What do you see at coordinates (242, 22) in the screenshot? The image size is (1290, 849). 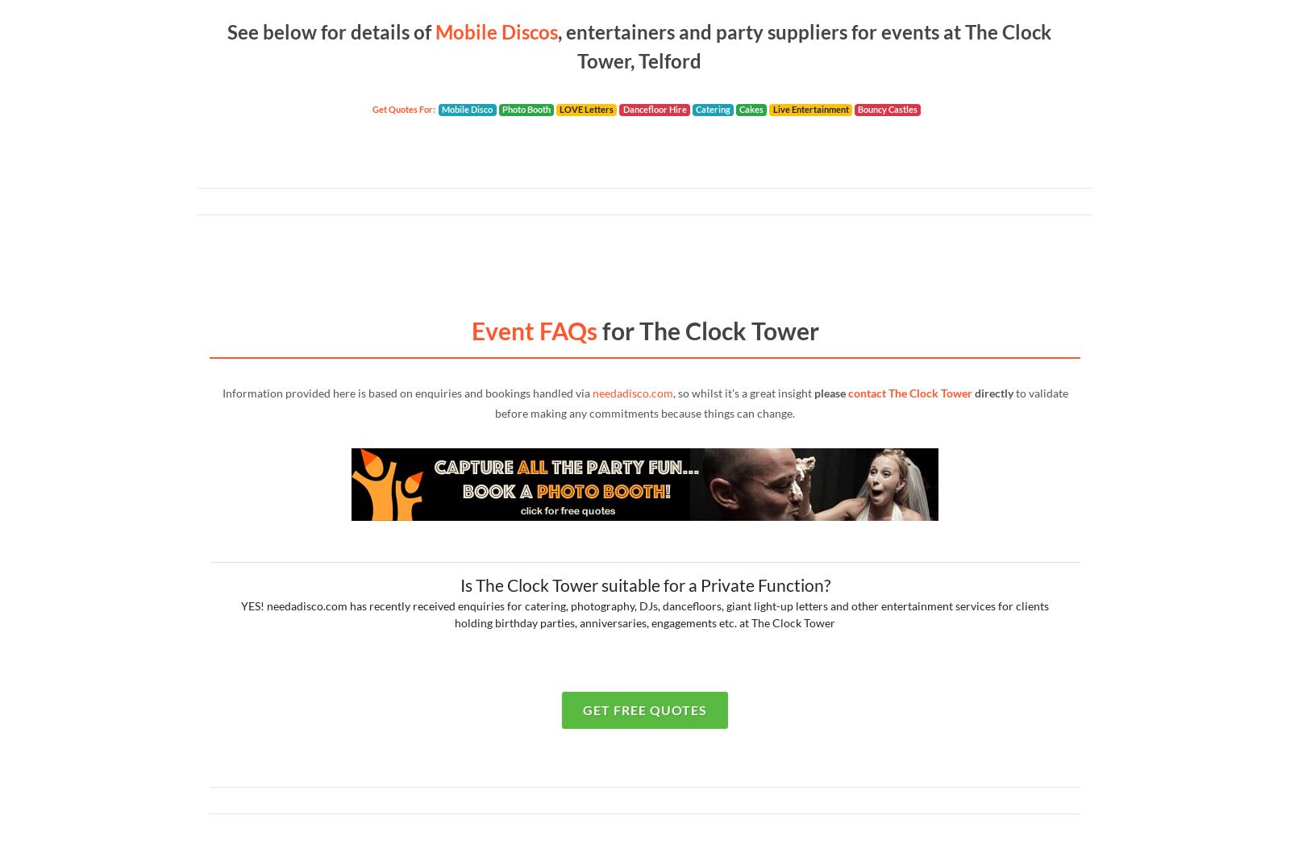 I see `'The Oddfellows Arms'` at bounding box center [242, 22].